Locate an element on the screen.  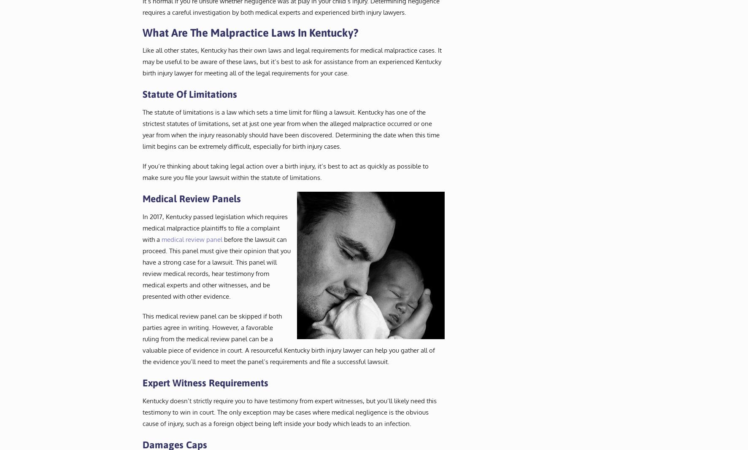
'Expert Witness Requirements' is located at coordinates (204, 382).